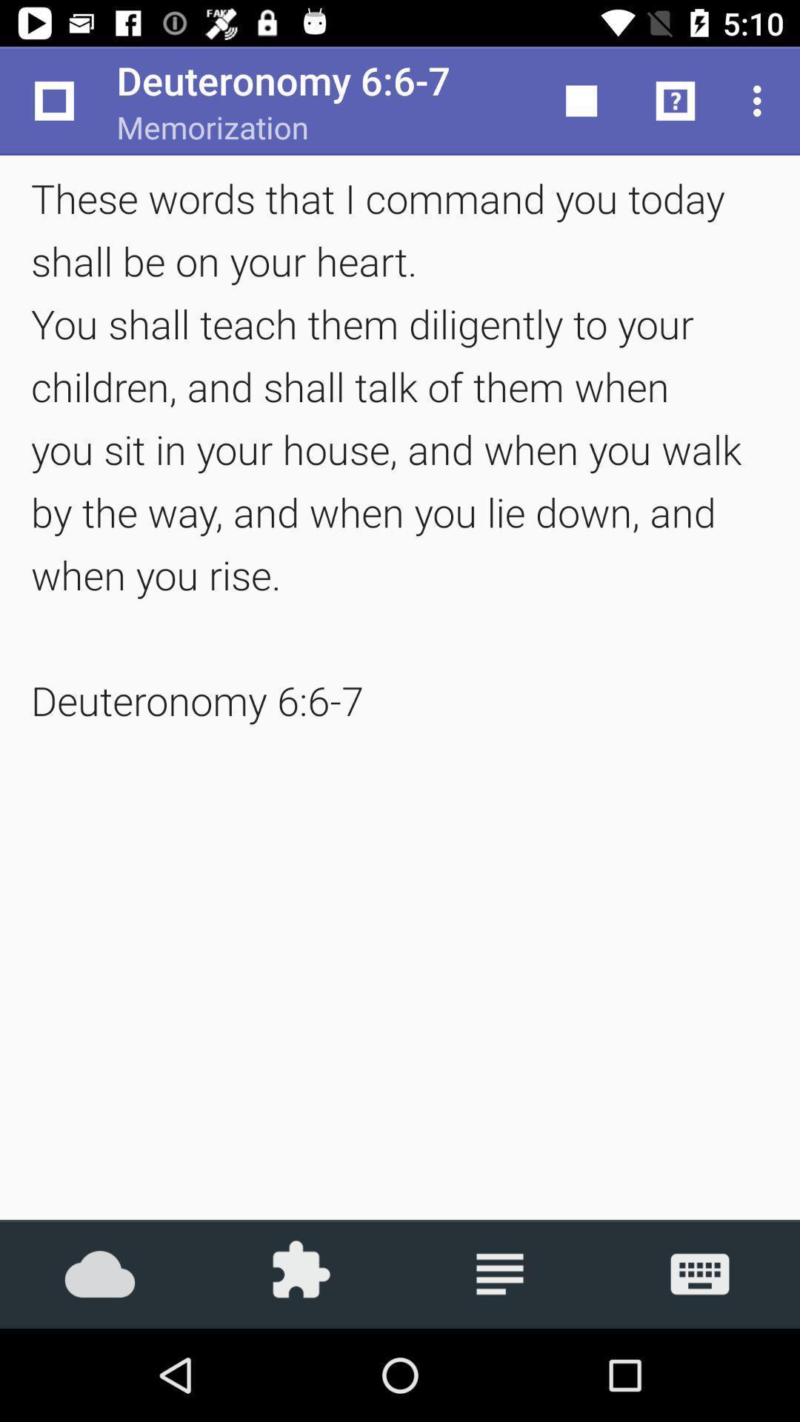  What do you see at coordinates (53, 100) in the screenshot?
I see `the app next to memorization item` at bounding box center [53, 100].